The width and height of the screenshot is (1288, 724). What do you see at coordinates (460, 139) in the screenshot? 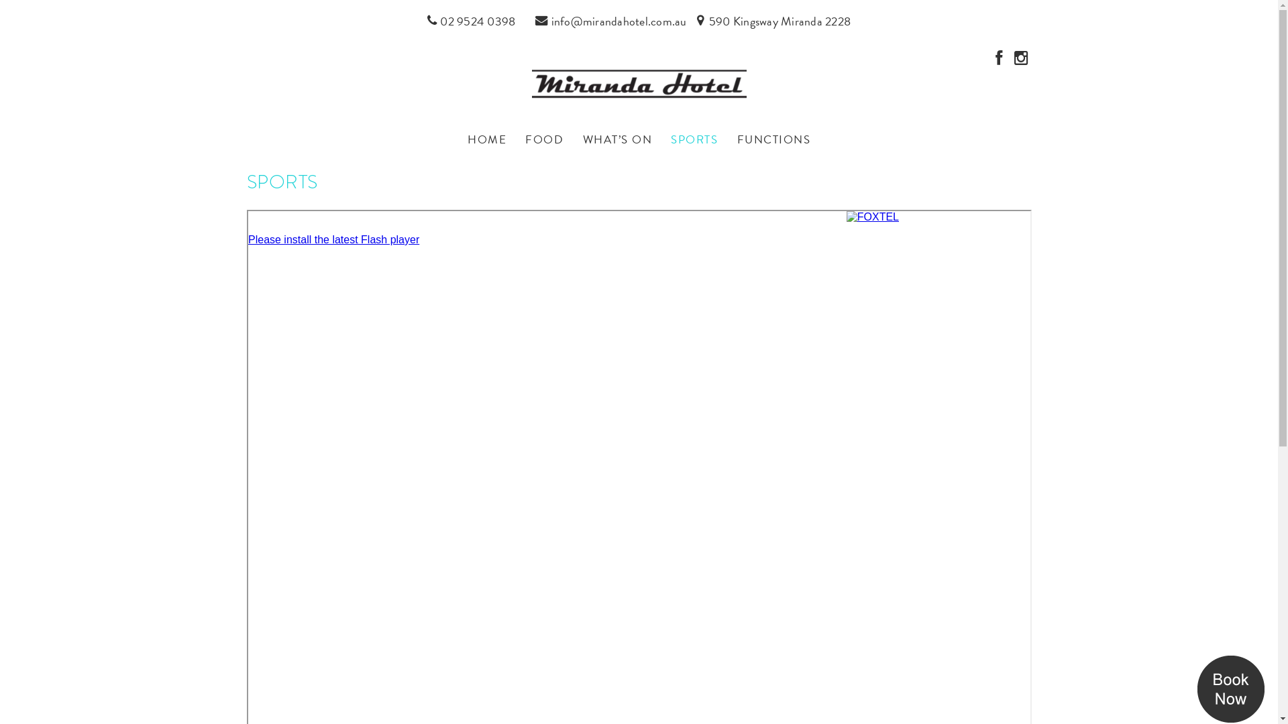
I see `'HOME'` at bounding box center [460, 139].